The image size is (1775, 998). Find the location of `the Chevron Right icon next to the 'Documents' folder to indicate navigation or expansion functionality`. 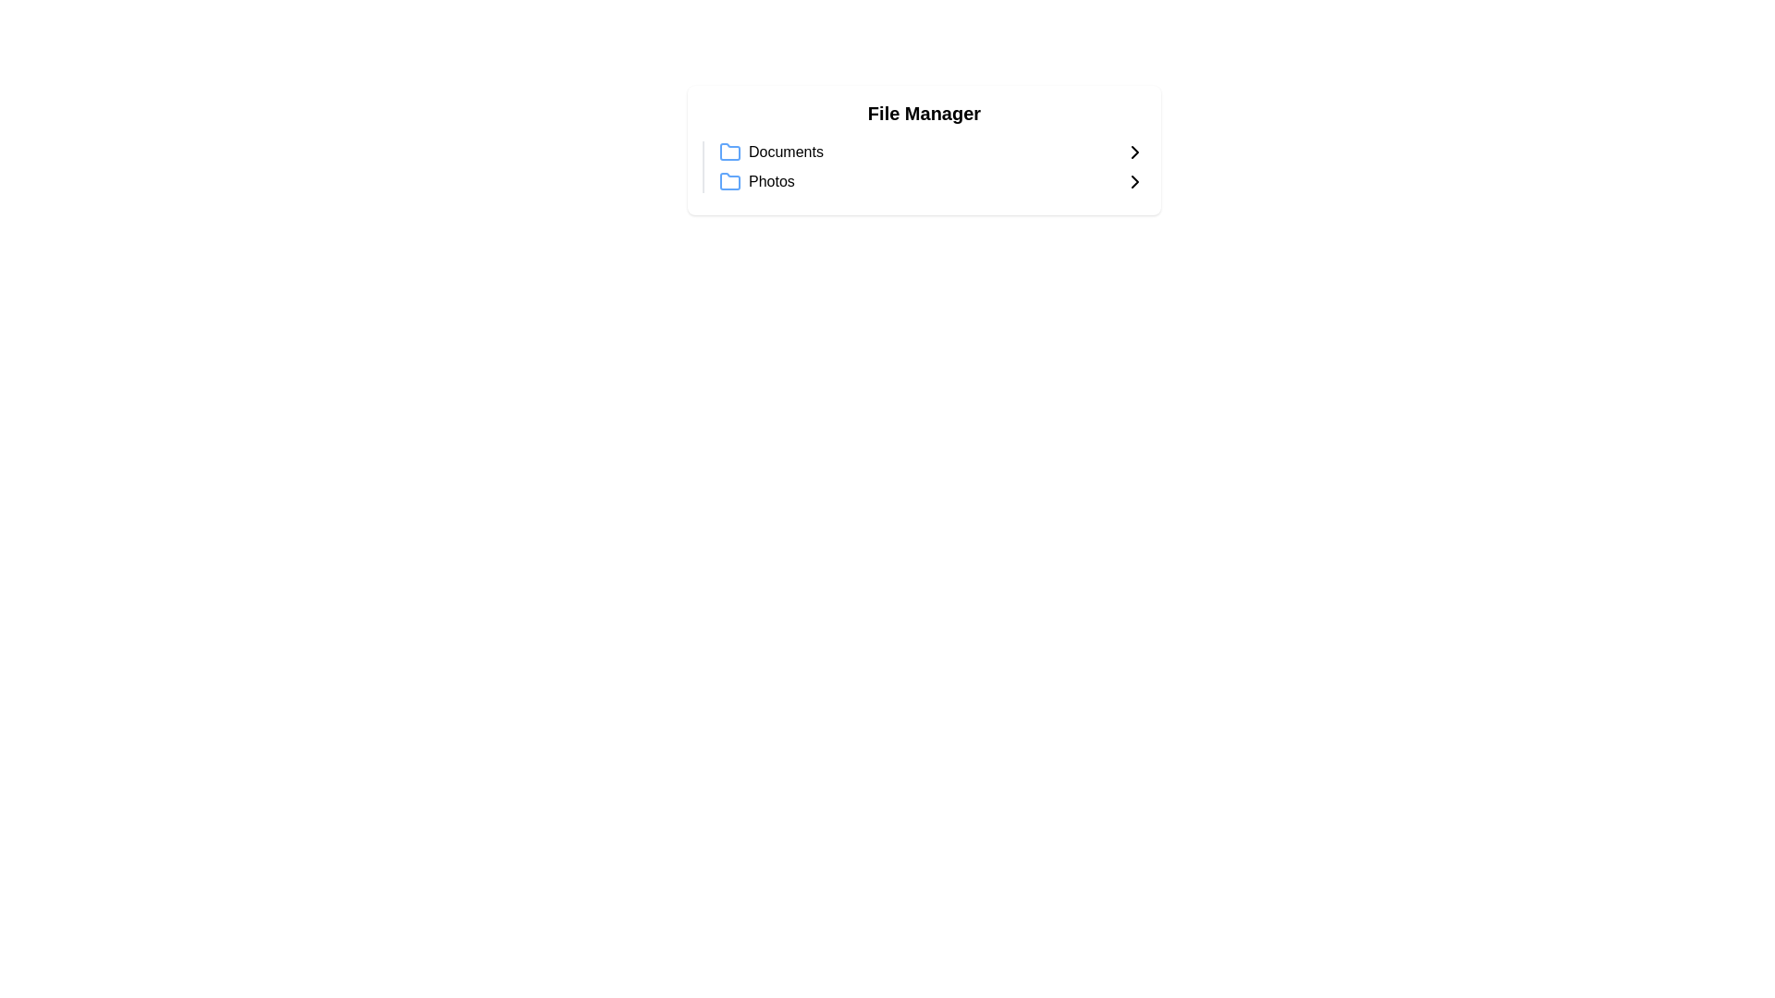

the Chevron Right icon next to the 'Documents' folder to indicate navigation or expansion functionality is located at coordinates (1134, 152).